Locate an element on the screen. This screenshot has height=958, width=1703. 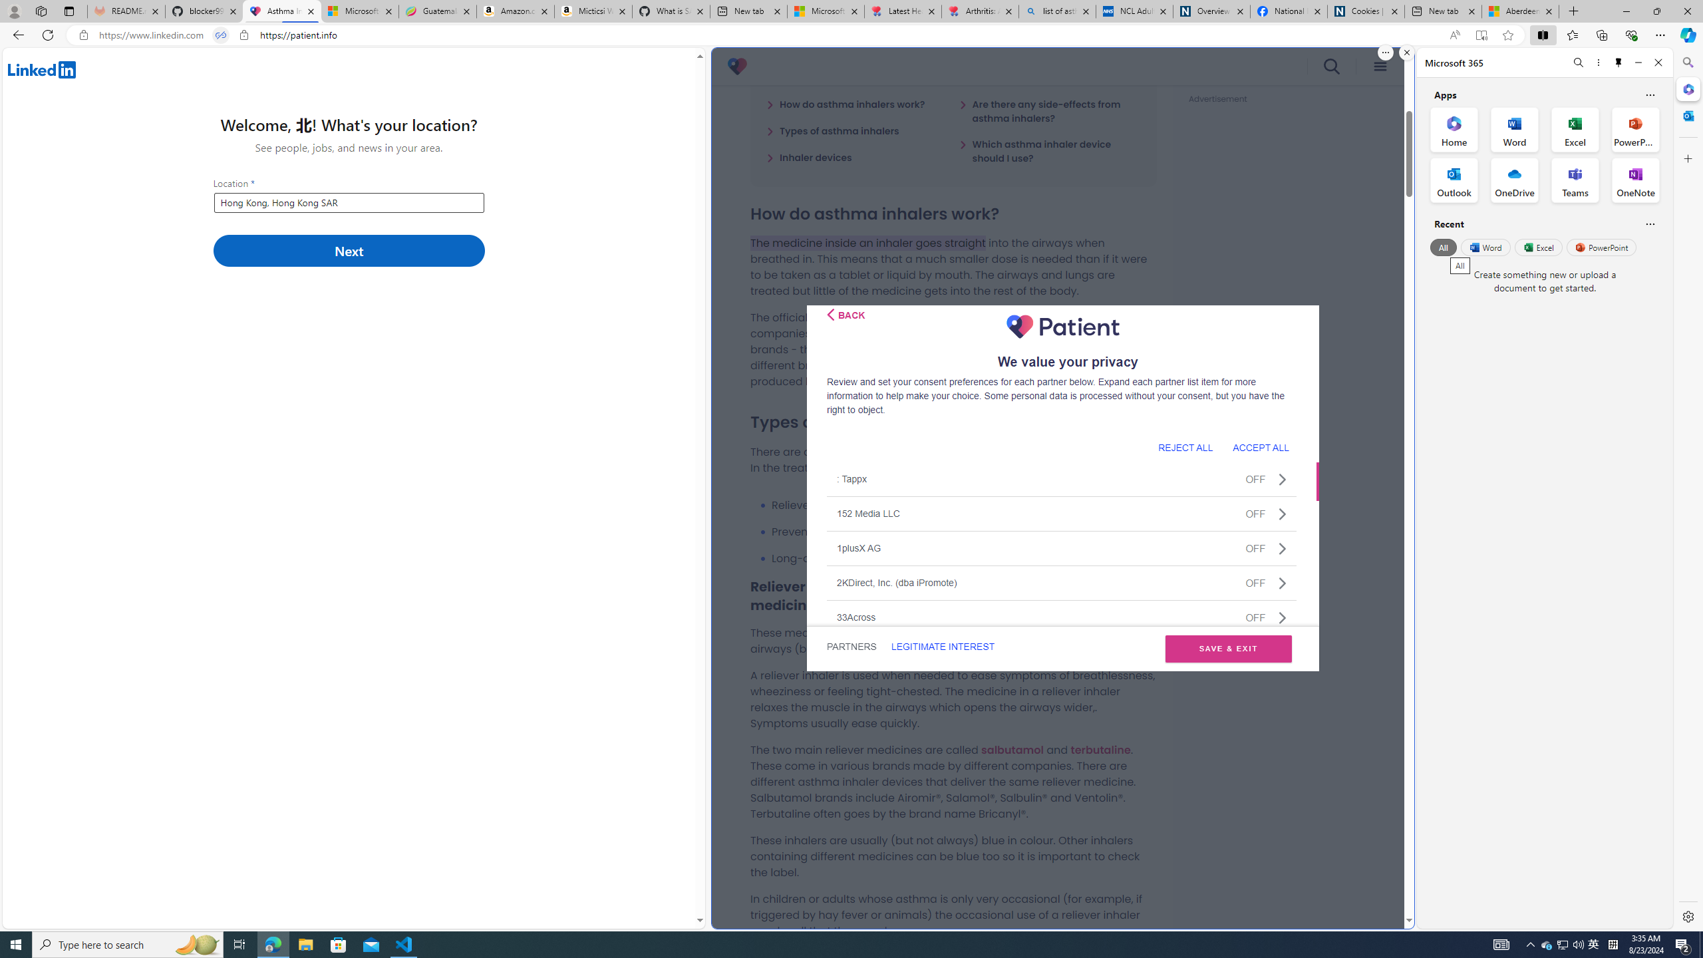
'Inhaler devices' is located at coordinates (808, 156).